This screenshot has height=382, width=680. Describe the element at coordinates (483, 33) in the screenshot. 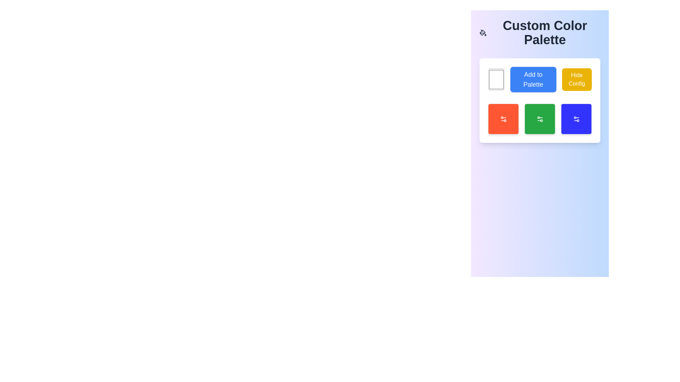

I see `the SVG graphic icon resembling a paint bucket spilling, located in the header section titled 'Custom Color Palette'` at that location.